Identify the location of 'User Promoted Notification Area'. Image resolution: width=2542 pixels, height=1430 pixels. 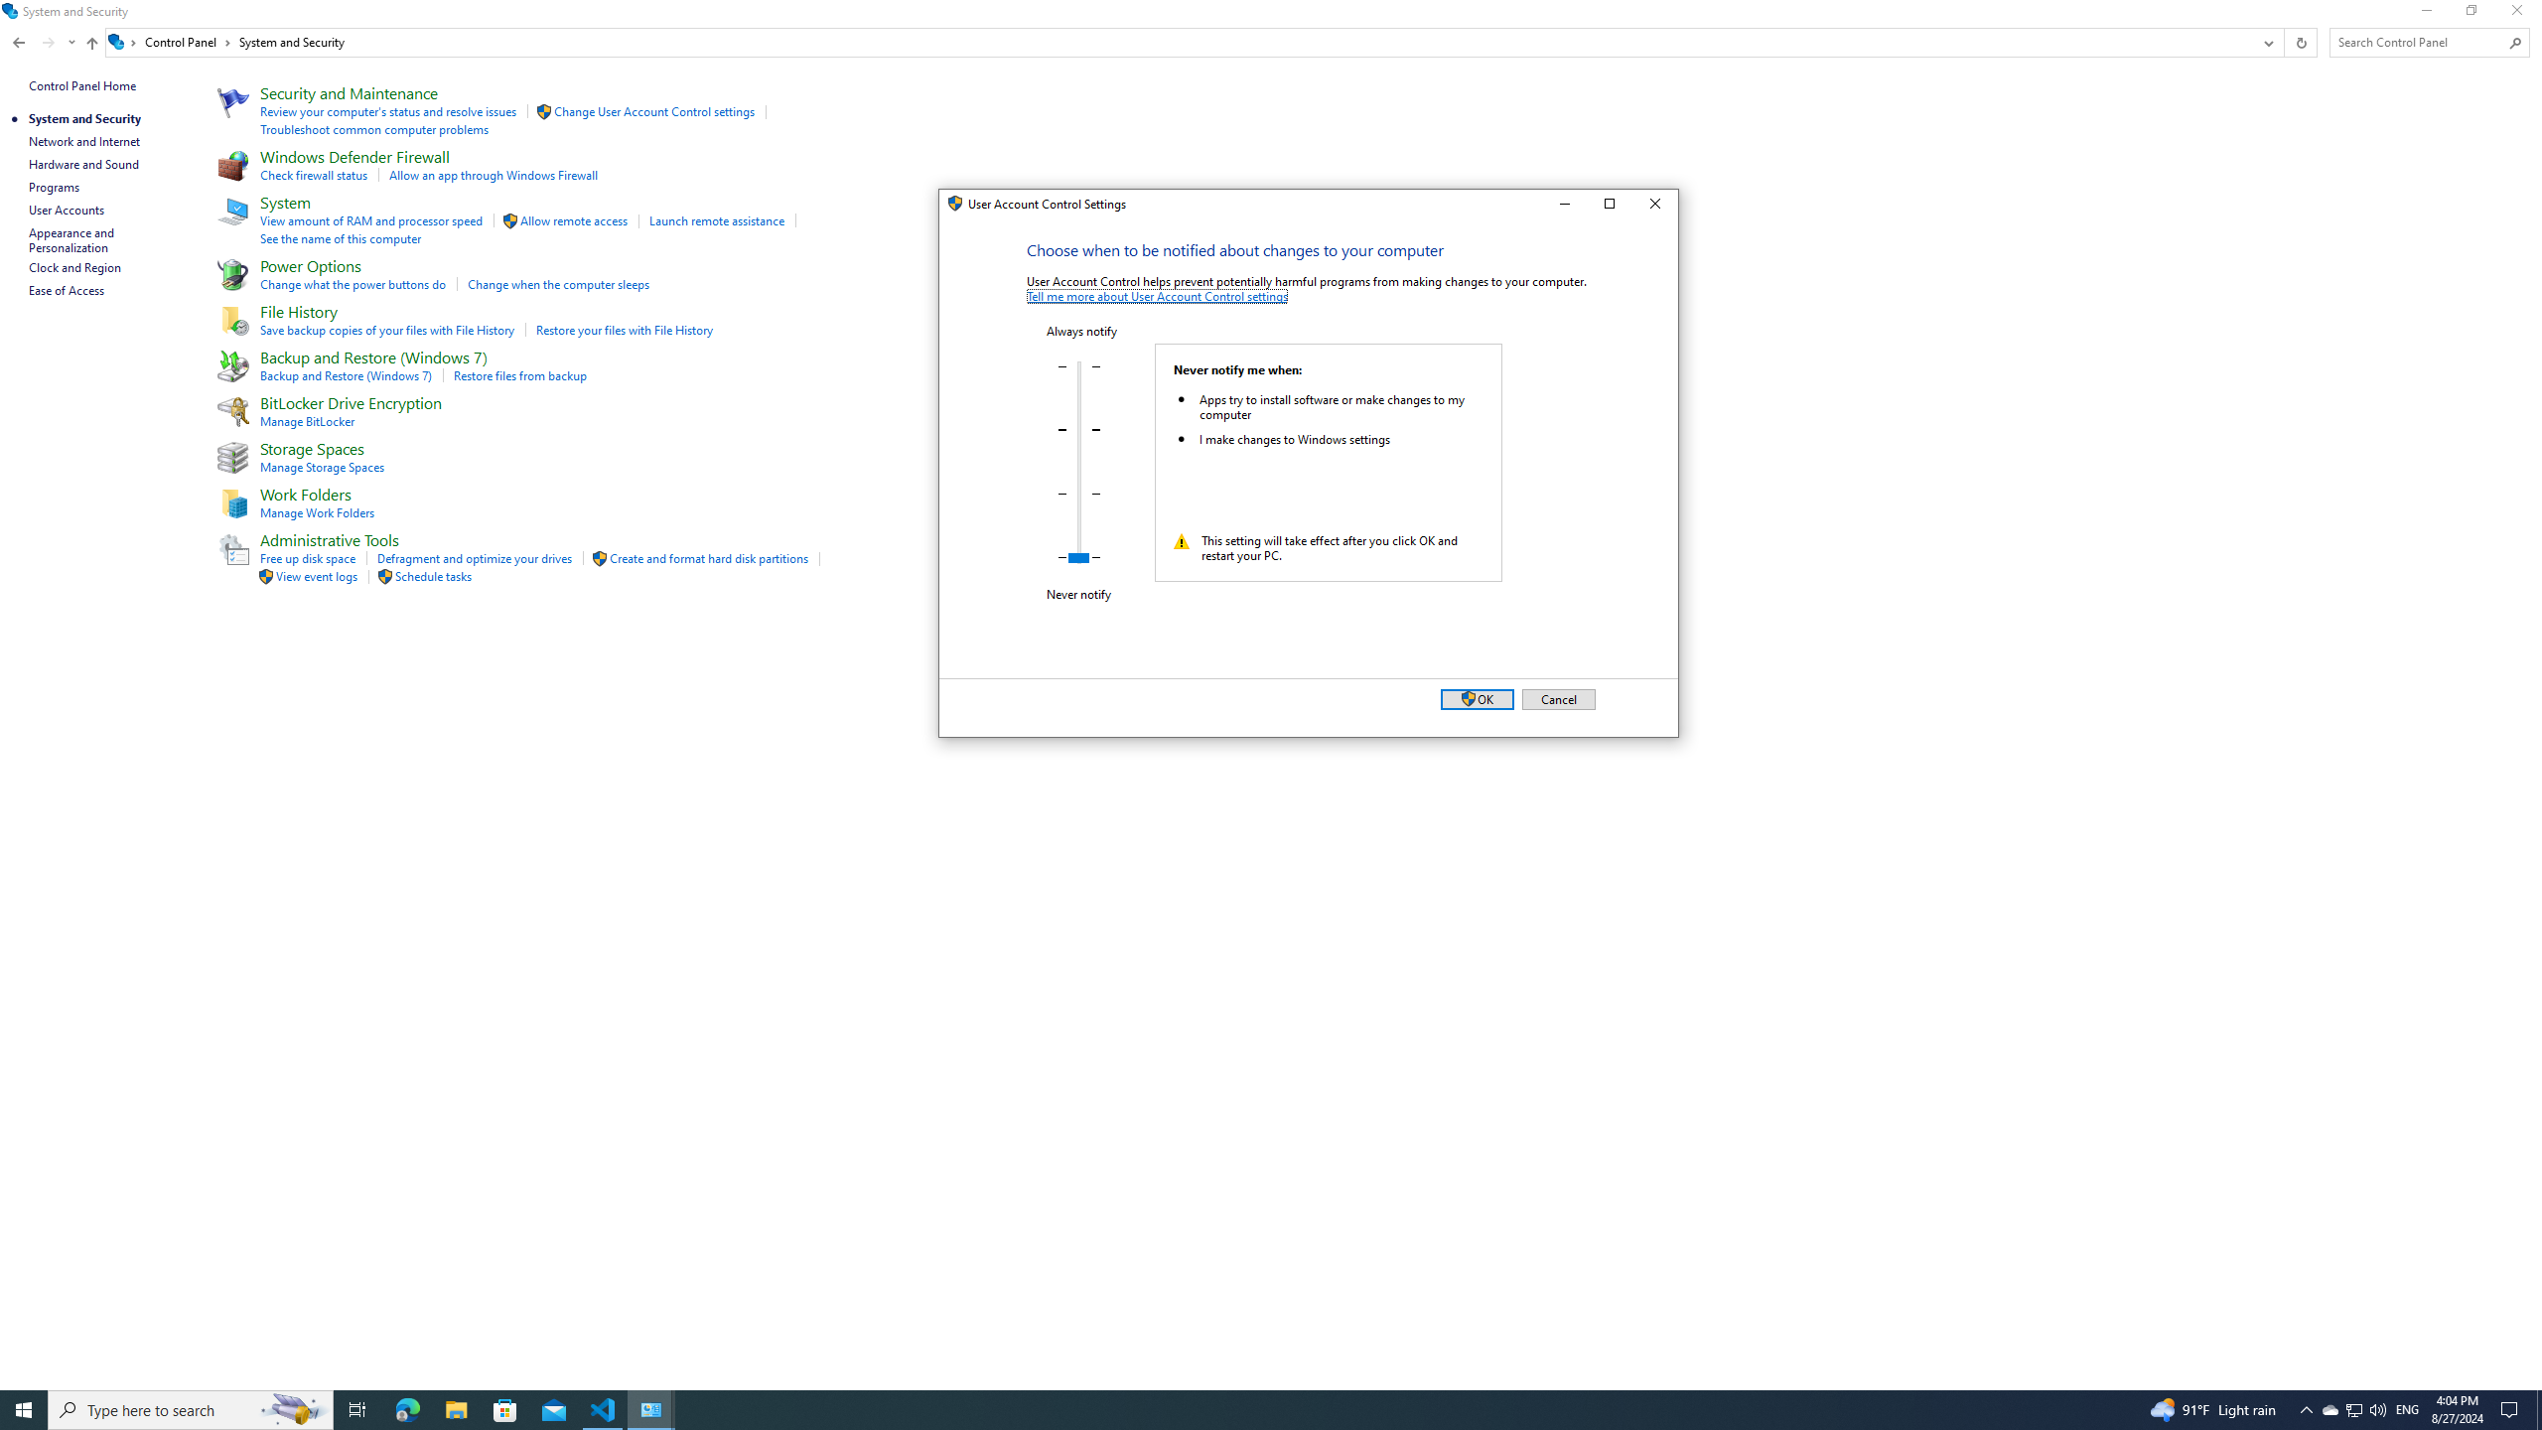
(2352, 1408).